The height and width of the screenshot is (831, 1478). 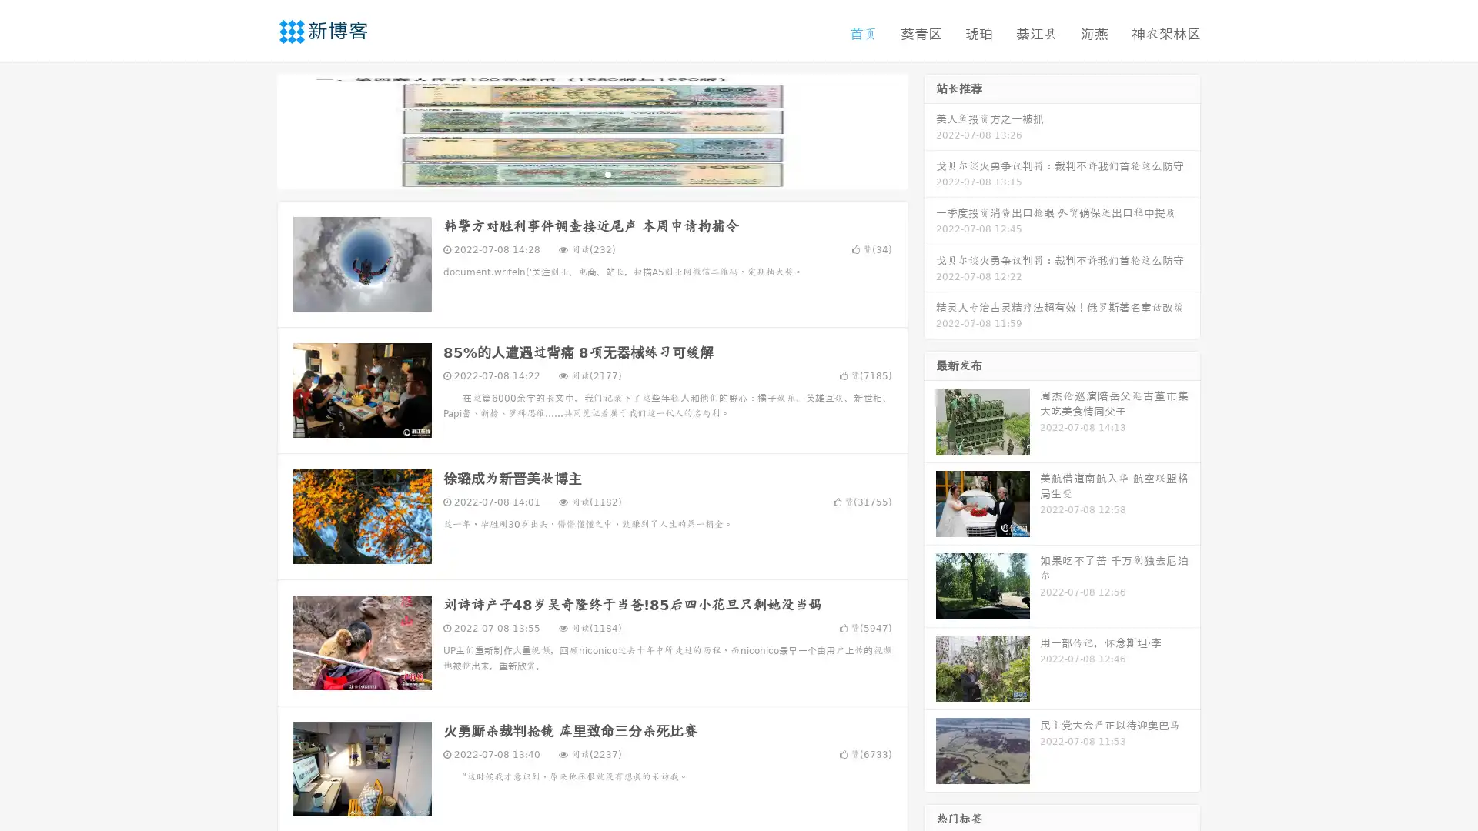 I want to click on Previous slide, so click(x=254, y=129).